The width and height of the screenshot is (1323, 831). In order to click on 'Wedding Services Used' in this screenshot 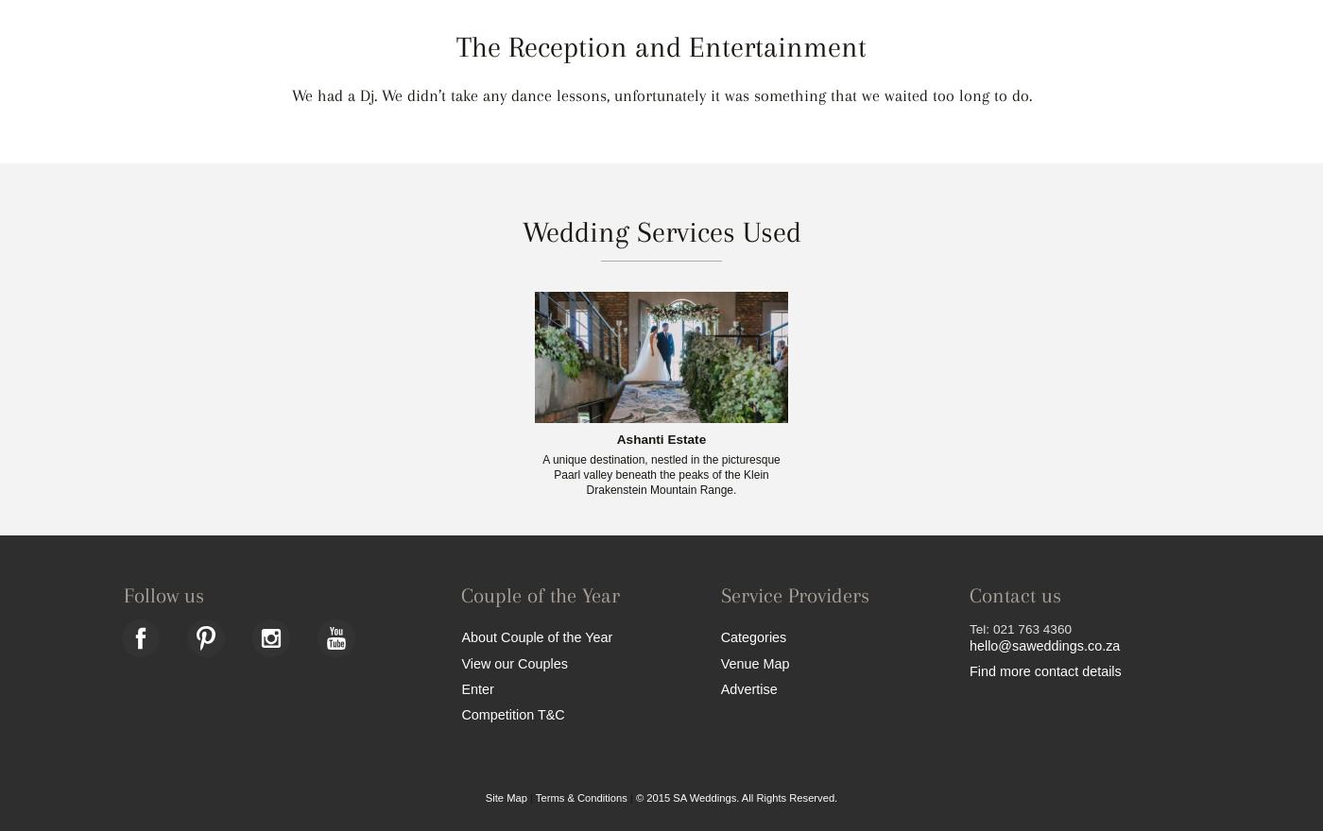, I will do `click(522, 230)`.